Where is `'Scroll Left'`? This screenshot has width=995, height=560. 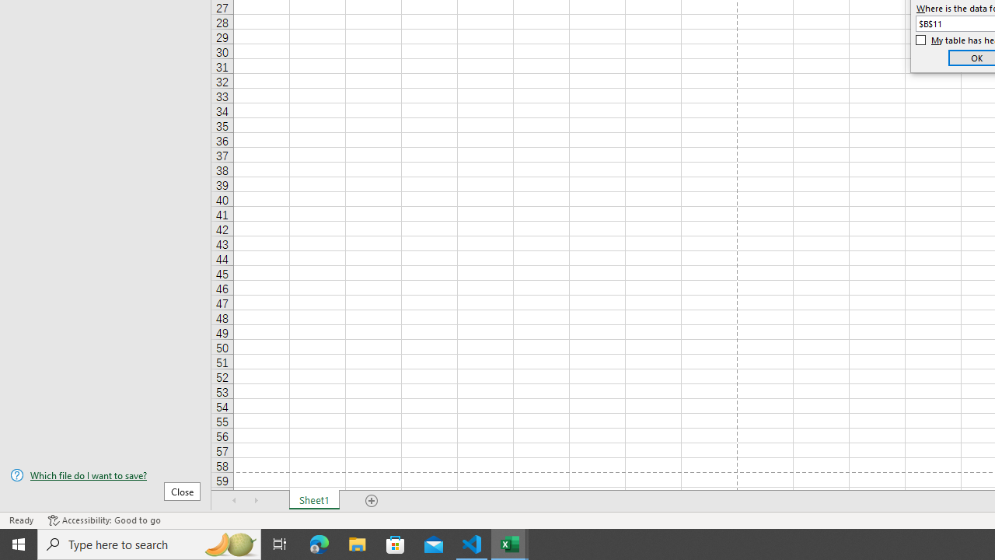
'Scroll Left' is located at coordinates (234, 501).